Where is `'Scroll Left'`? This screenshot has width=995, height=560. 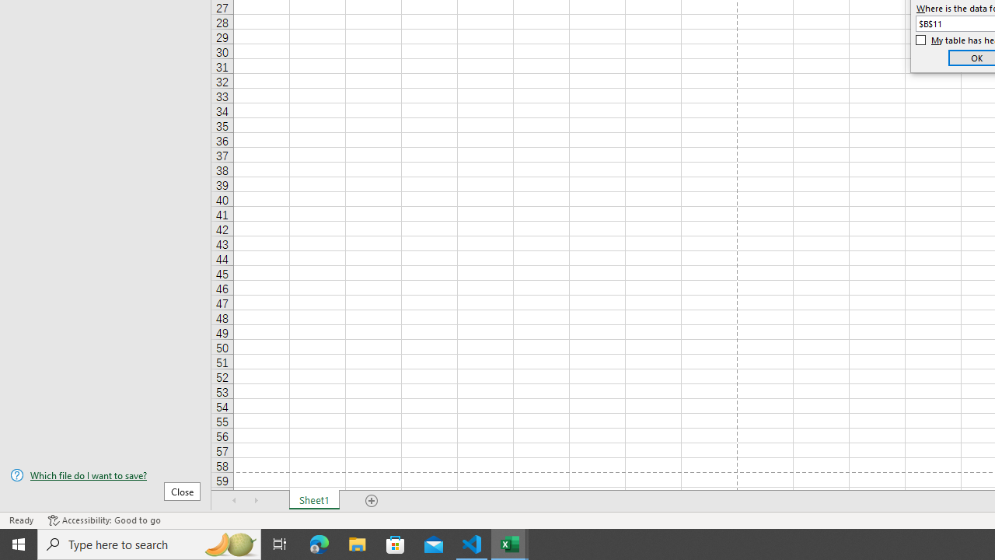
'Scroll Left' is located at coordinates (234, 501).